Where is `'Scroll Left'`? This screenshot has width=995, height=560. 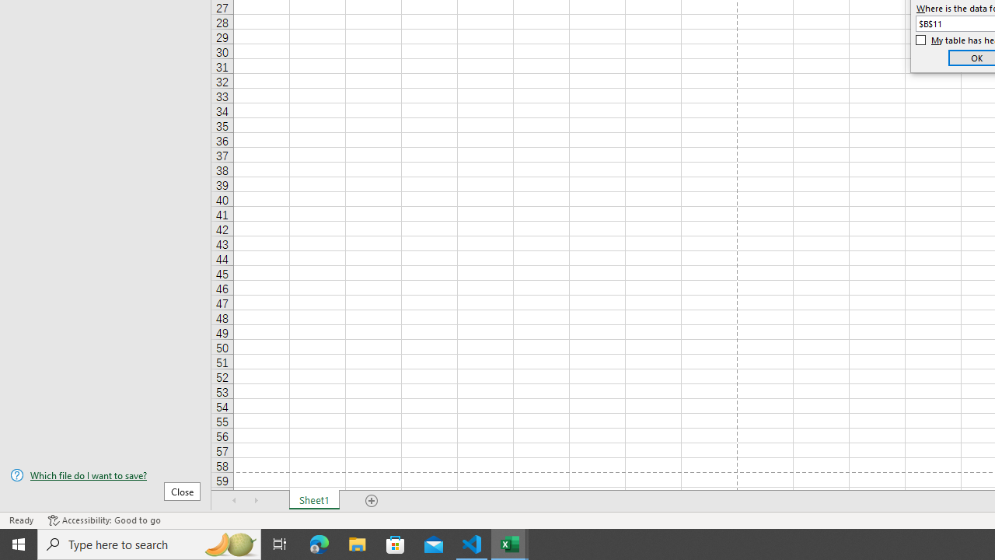
'Scroll Left' is located at coordinates (234, 501).